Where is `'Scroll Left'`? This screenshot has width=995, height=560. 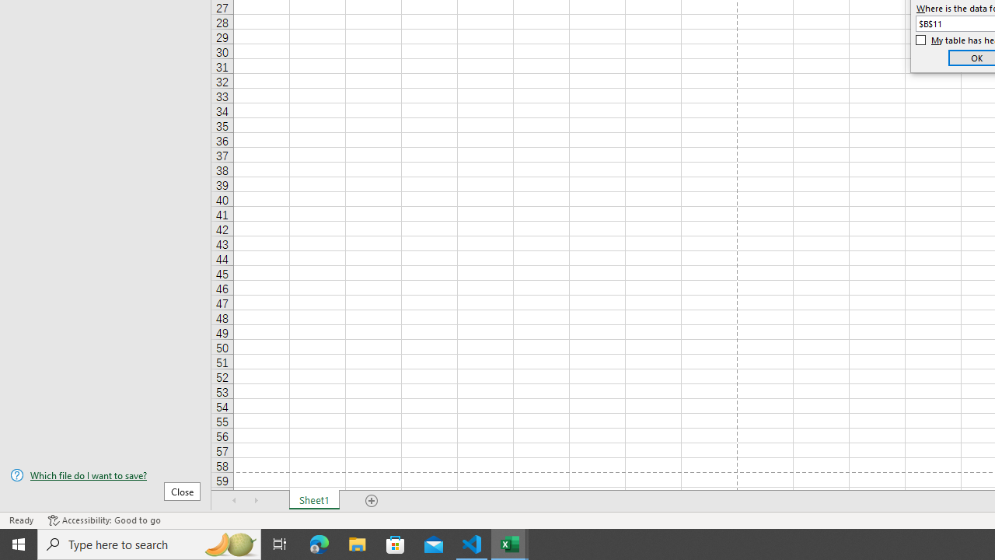
'Scroll Left' is located at coordinates (234, 501).